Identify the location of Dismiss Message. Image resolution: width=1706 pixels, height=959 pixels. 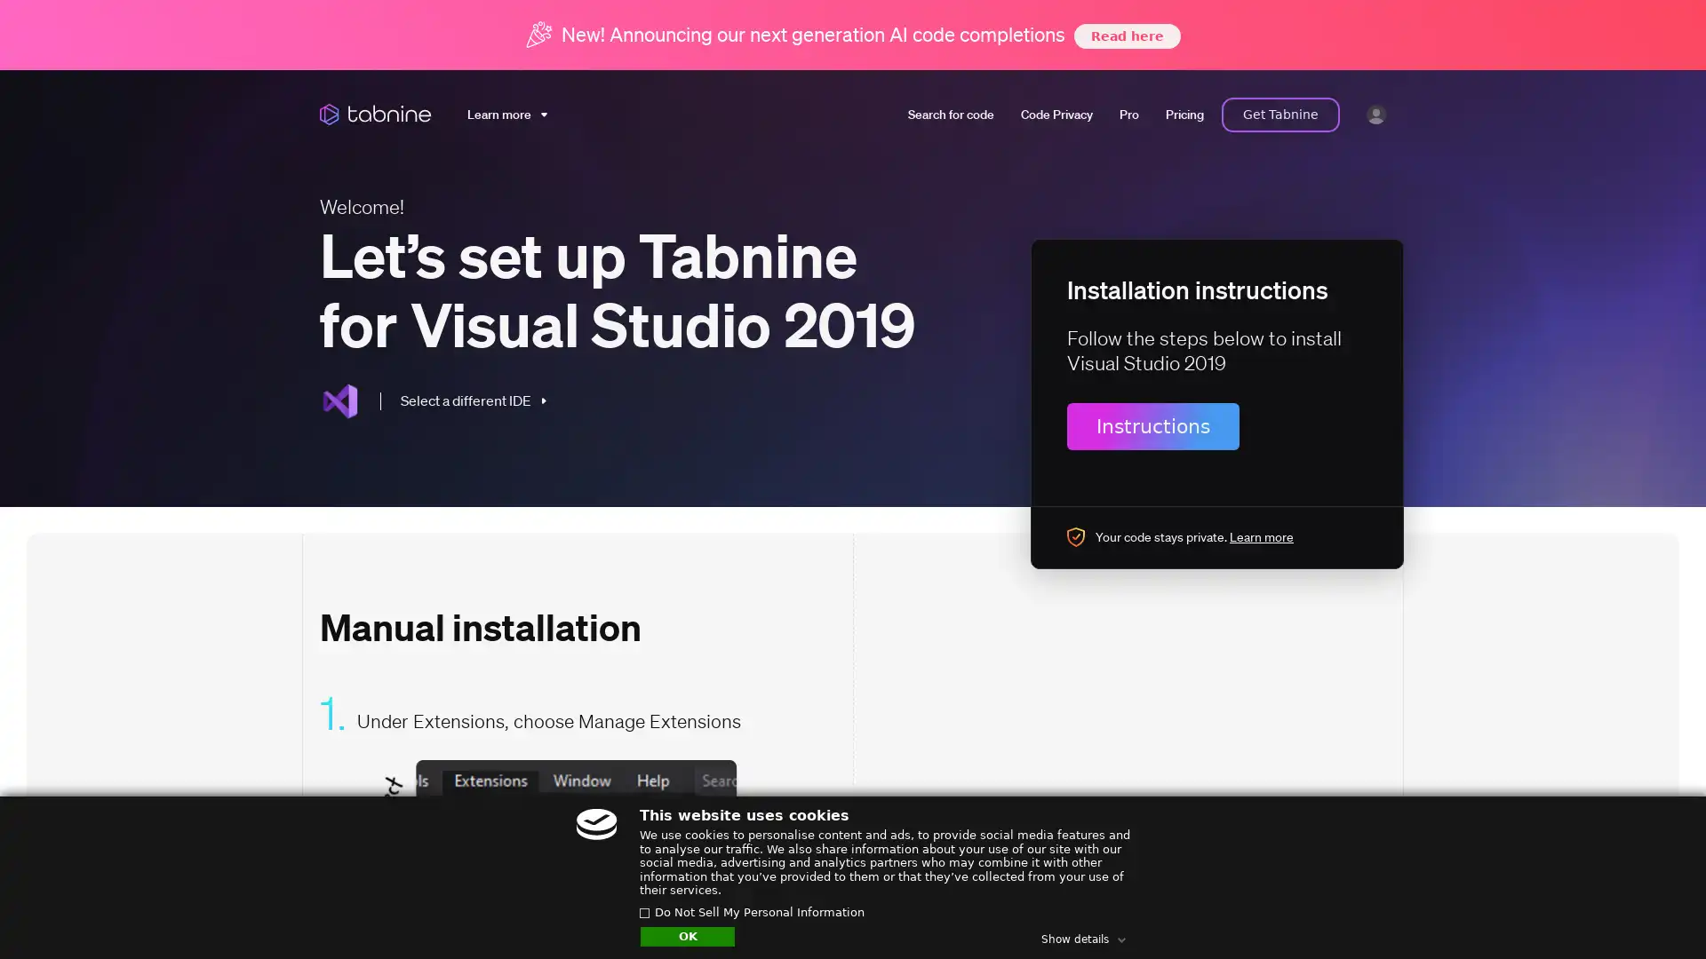
(1613, 891).